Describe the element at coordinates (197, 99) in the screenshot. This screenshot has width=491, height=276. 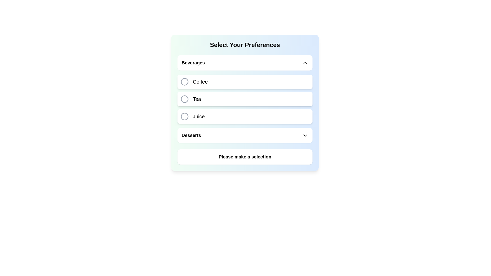
I see `the text label for 'Tea' which is positioned in the selection option row under the category 'Beverages'` at that location.